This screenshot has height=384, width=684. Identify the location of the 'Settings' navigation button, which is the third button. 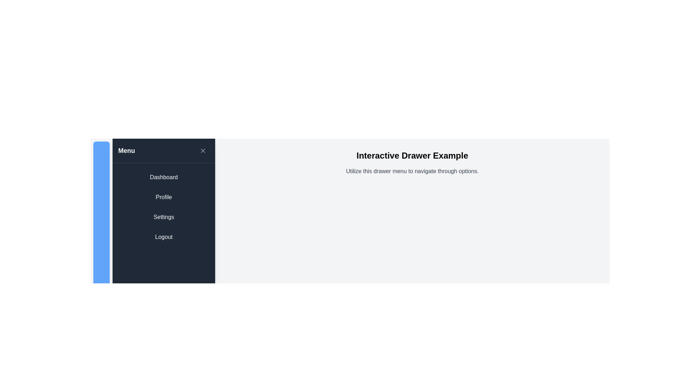
(164, 217).